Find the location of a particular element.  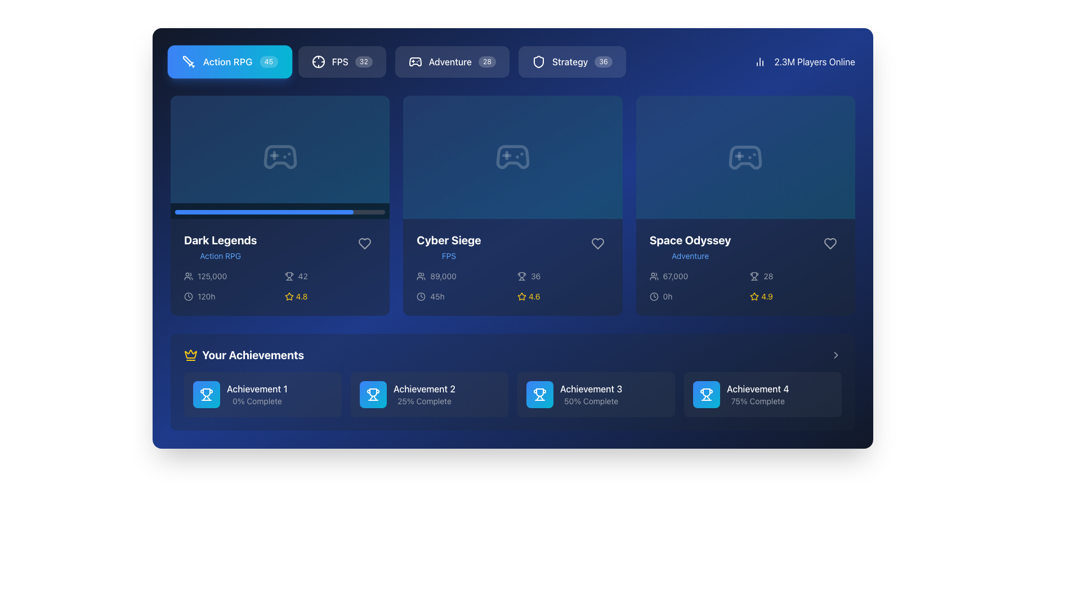

the progress bar is located at coordinates (340, 211).